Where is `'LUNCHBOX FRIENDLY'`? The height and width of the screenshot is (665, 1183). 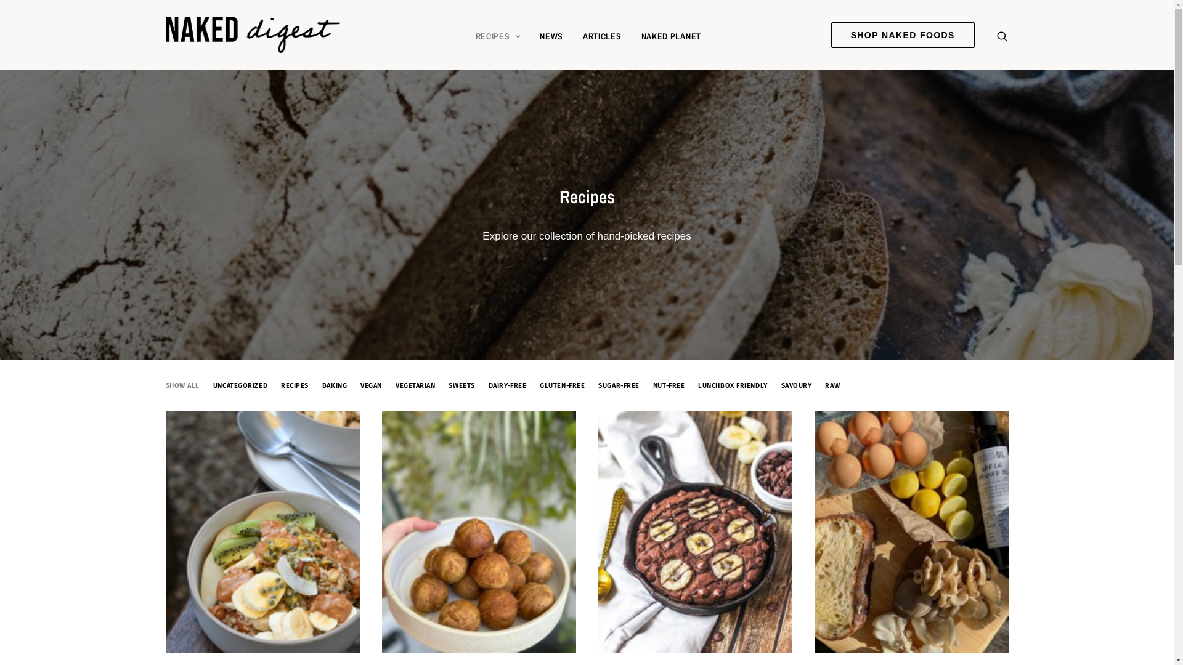 'LUNCHBOX FRIENDLY' is located at coordinates (733, 385).